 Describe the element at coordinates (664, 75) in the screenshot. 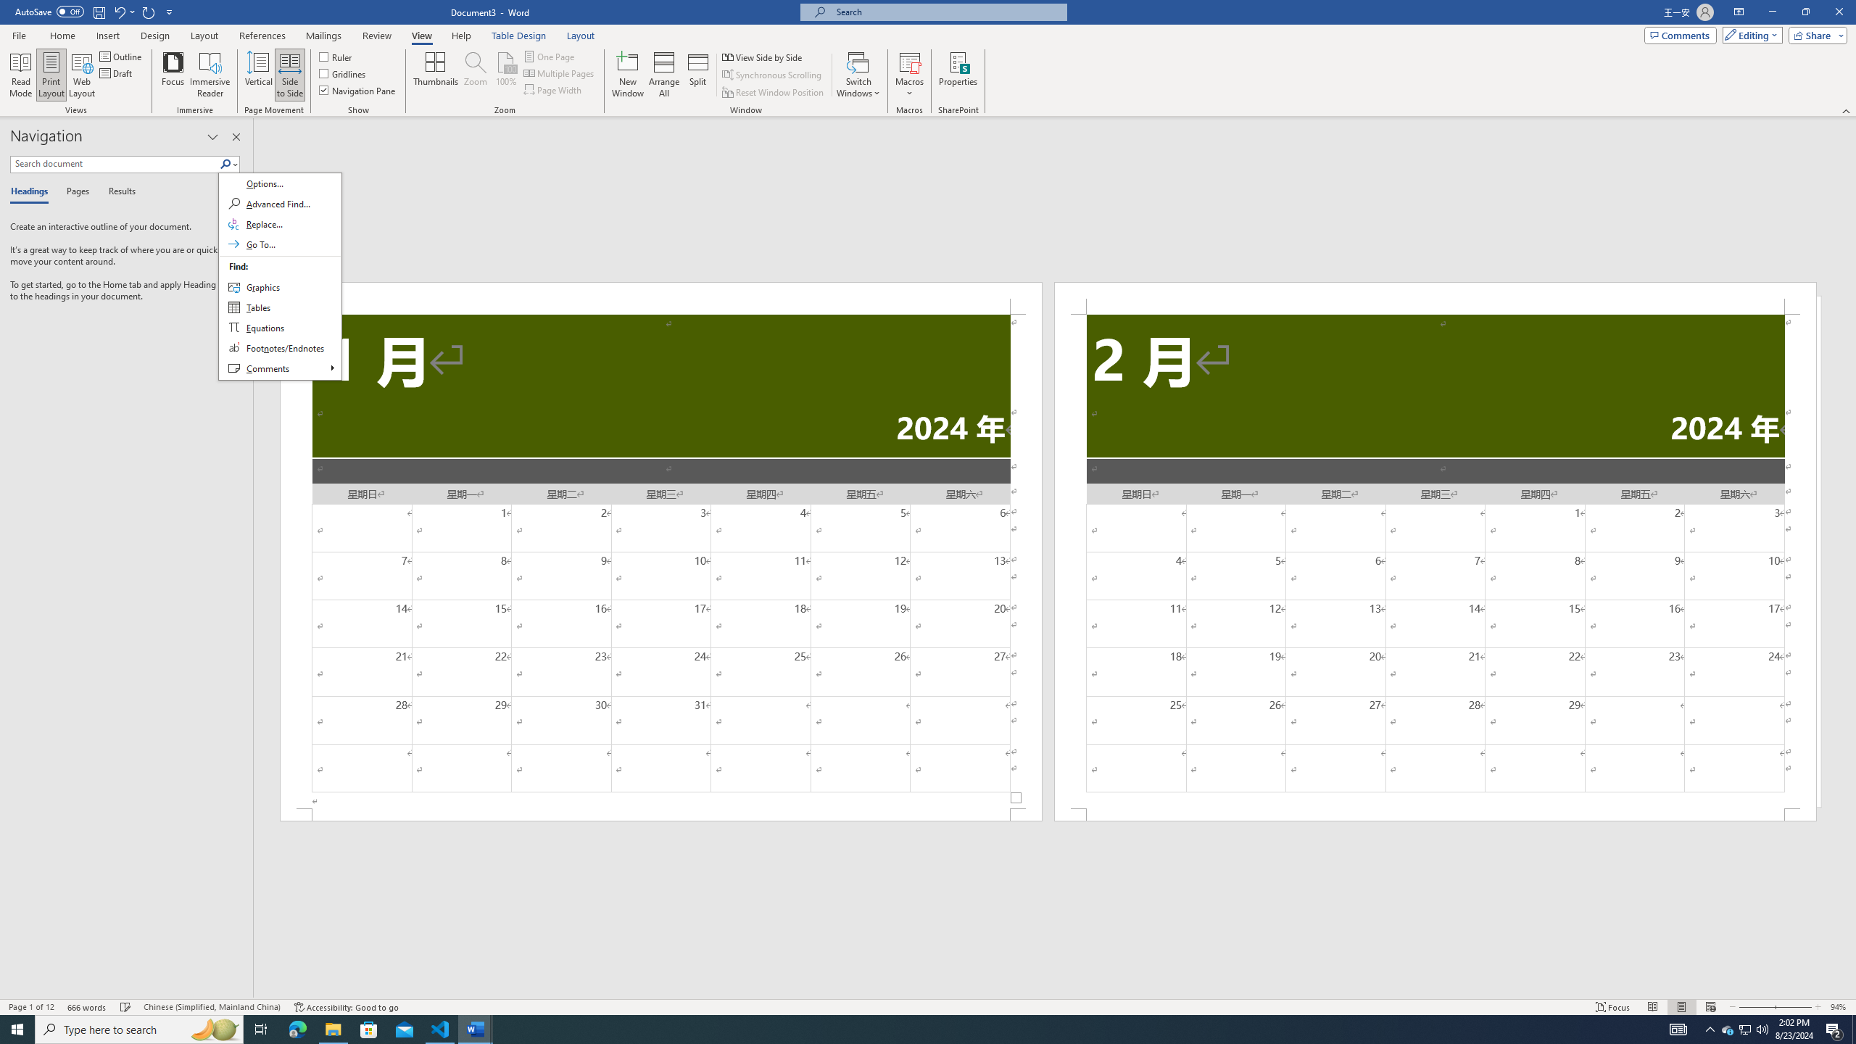

I see `'Arrange All'` at that location.